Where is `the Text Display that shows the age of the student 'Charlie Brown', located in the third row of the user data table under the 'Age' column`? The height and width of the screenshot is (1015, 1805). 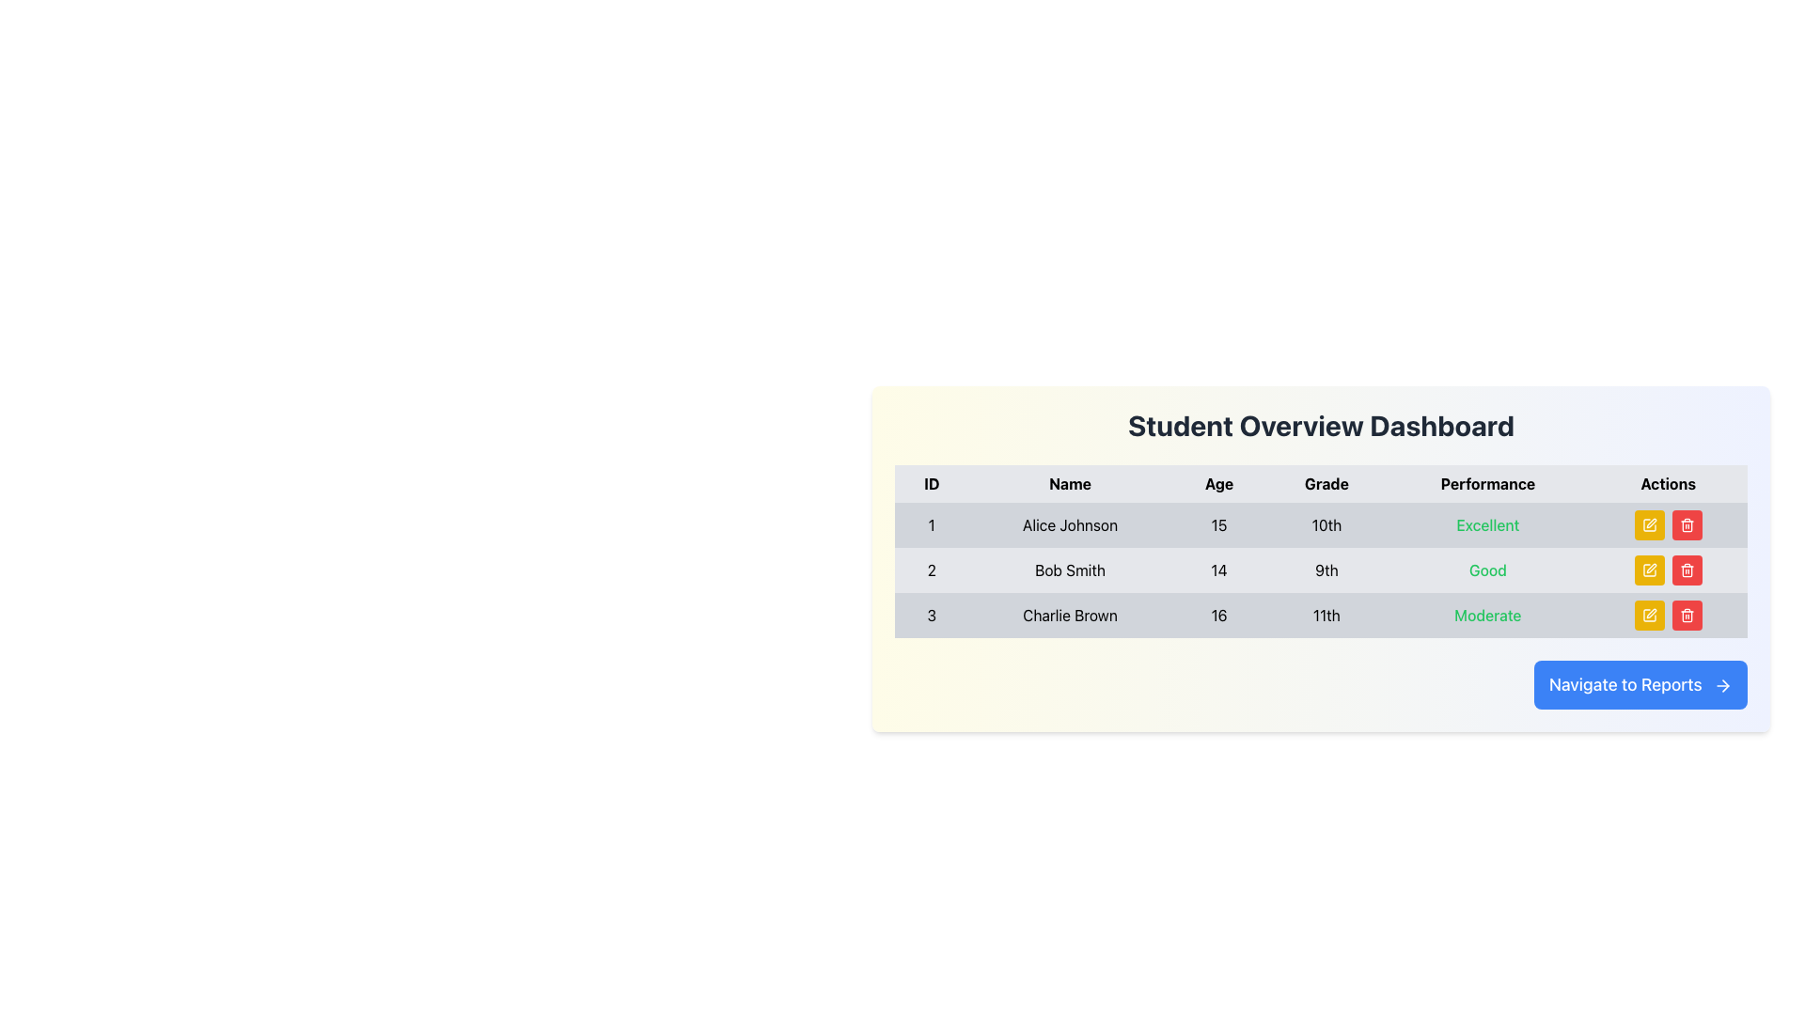 the Text Display that shows the age of the student 'Charlie Brown', located in the third row of the user data table under the 'Age' column is located at coordinates (1218, 616).